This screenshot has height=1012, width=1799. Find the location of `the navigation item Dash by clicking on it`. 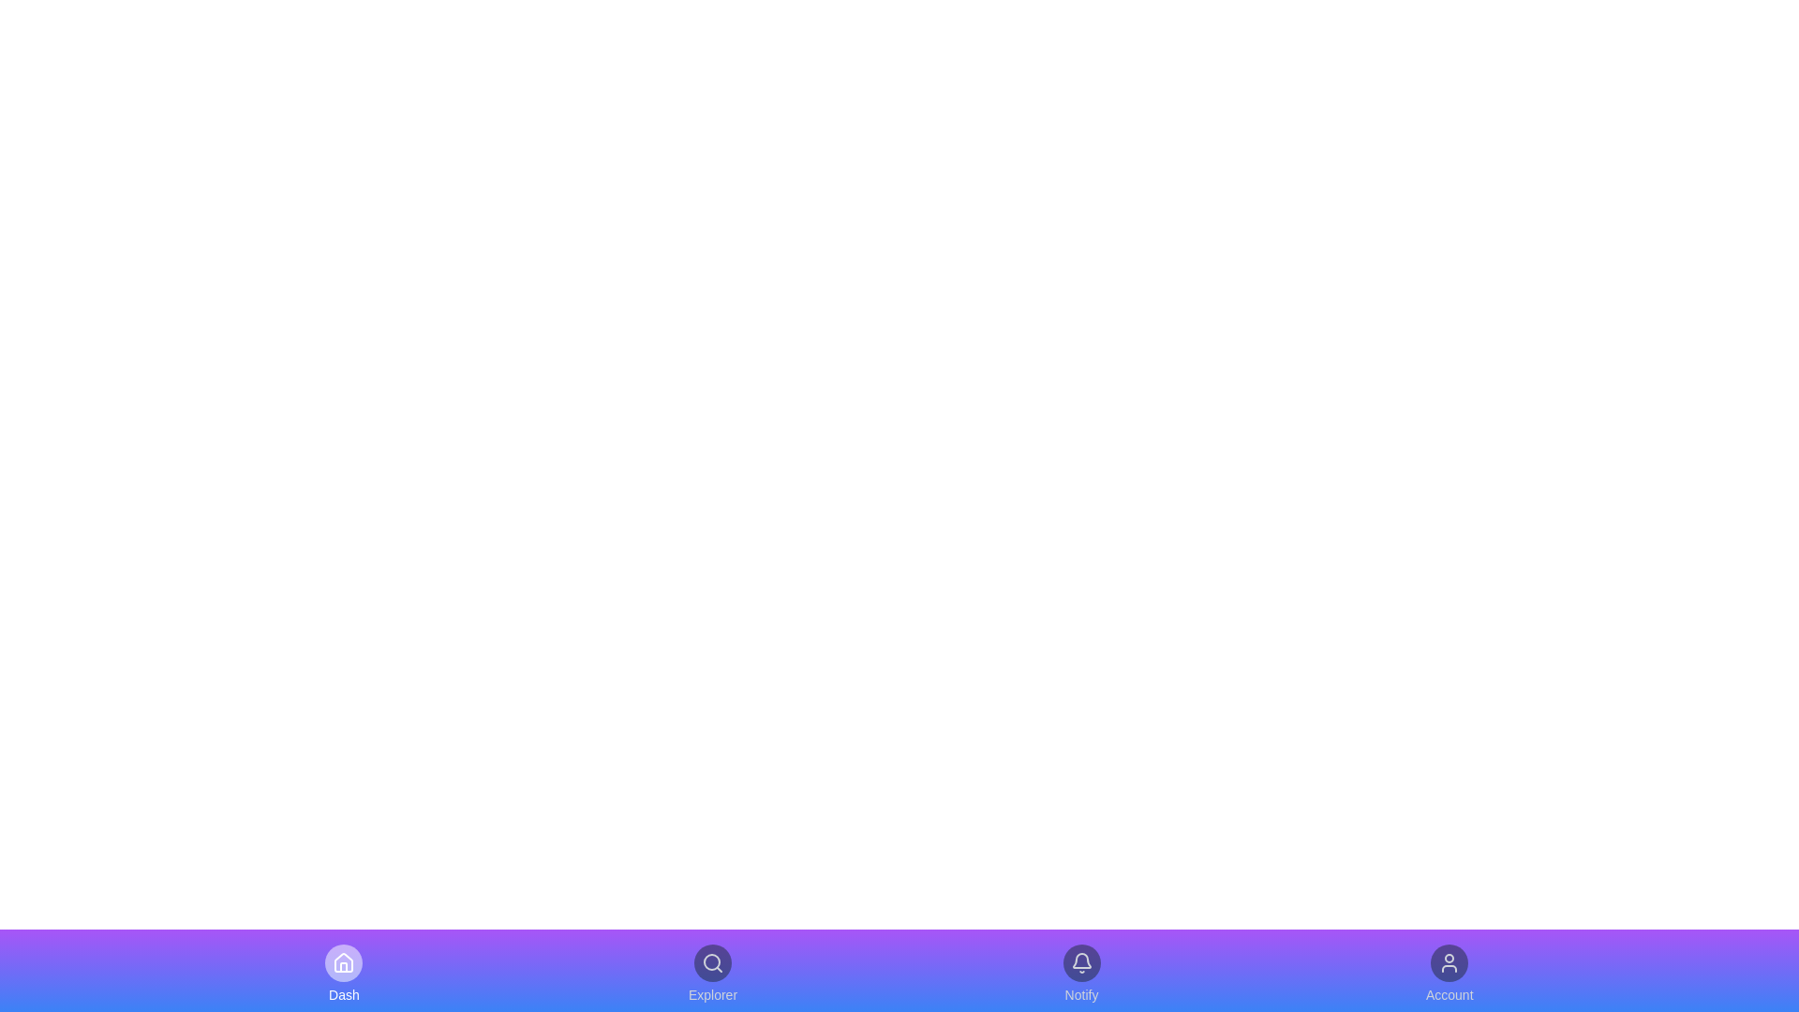

the navigation item Dash by clicking on it is located at coordinates (344, 974).